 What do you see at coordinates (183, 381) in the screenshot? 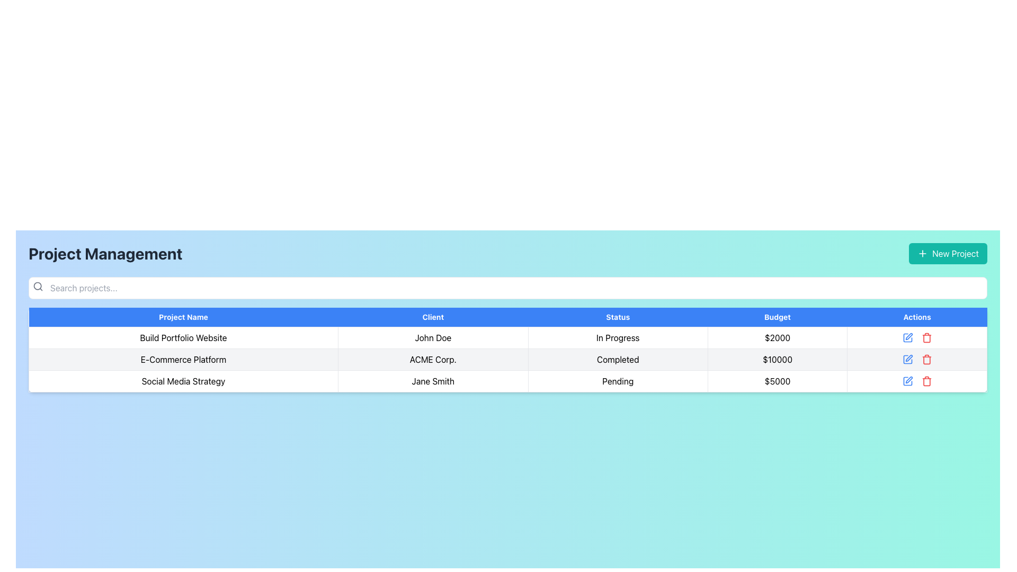
I see `the static text label displaying 'Social Media Strategy' located in the third row of the table under the 'Project Name' column` at bounding box center [183, 381].